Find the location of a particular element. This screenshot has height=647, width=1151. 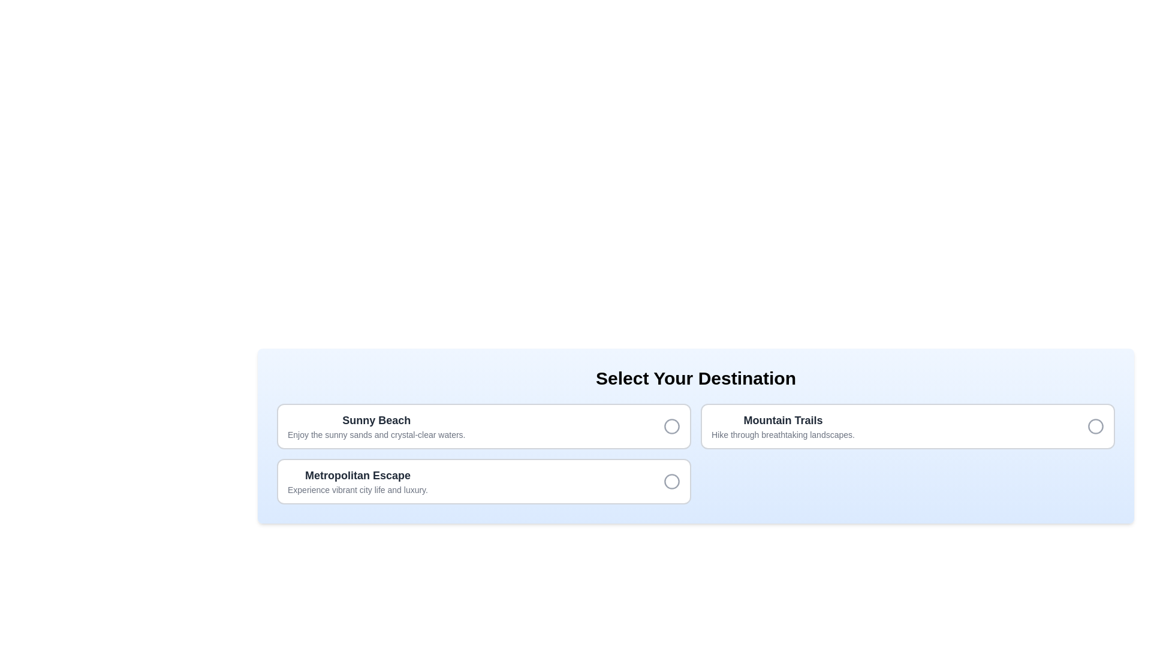

elements of the second selectable card in the grid layout, located in the top-right section, which includes a title and description along with a radio button is located at coordinates (908, 426).